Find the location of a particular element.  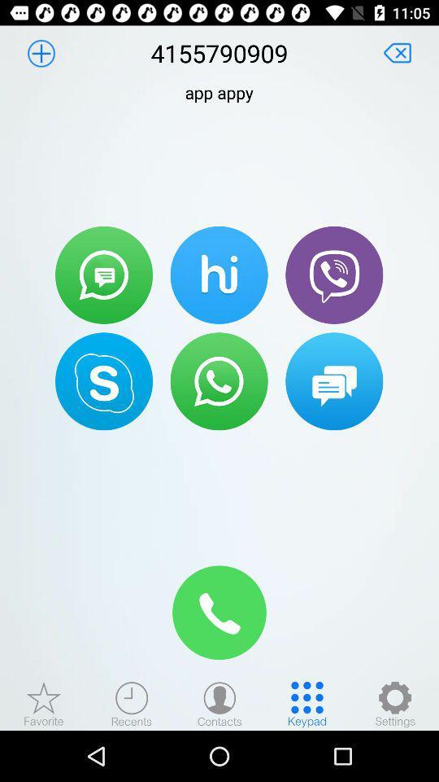

this button is used to make calls is located at coordinates (219, 381).